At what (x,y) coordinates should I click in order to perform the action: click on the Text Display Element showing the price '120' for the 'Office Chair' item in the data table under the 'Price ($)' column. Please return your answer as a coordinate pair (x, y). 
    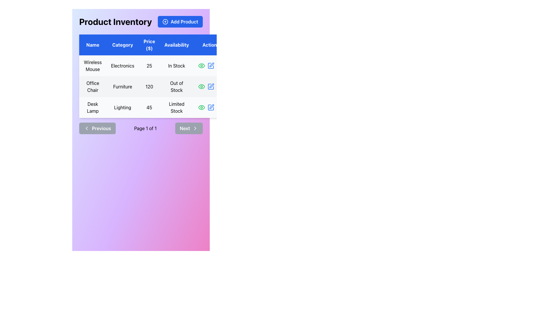
    Looking at the image, I should click on (149, 87).